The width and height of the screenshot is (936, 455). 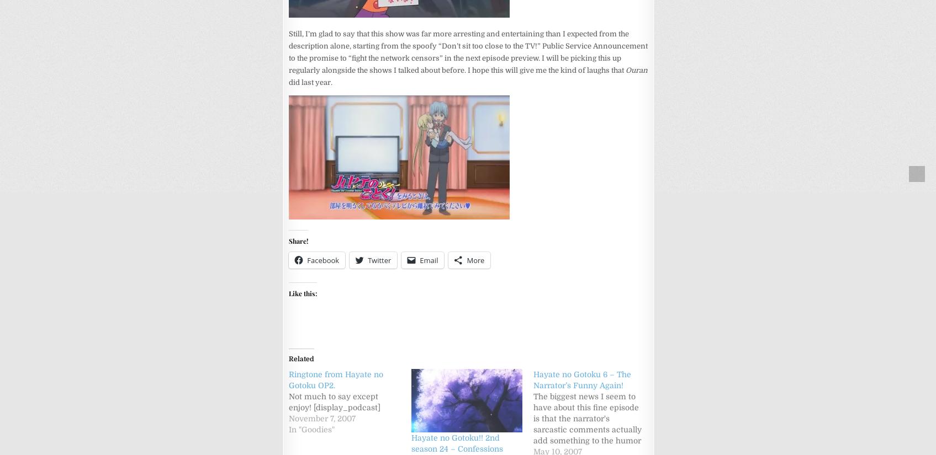 What do you see at coordinates (466, 259) in the screenshot?
I see `'More'` at bounding box center [466, 259].